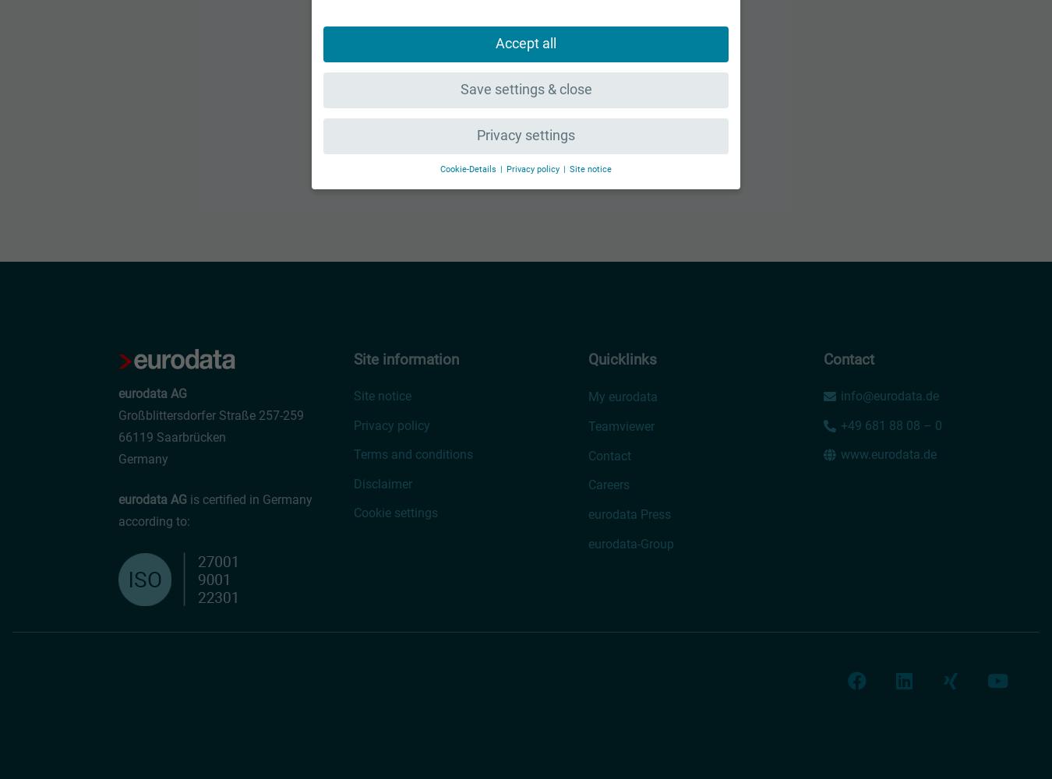 The image size is (1052, 779). What do you see at coordinates (214, 510) in the screenshot?
I see `'is certified in Germany according to:'` at bounding box center [214, 510].